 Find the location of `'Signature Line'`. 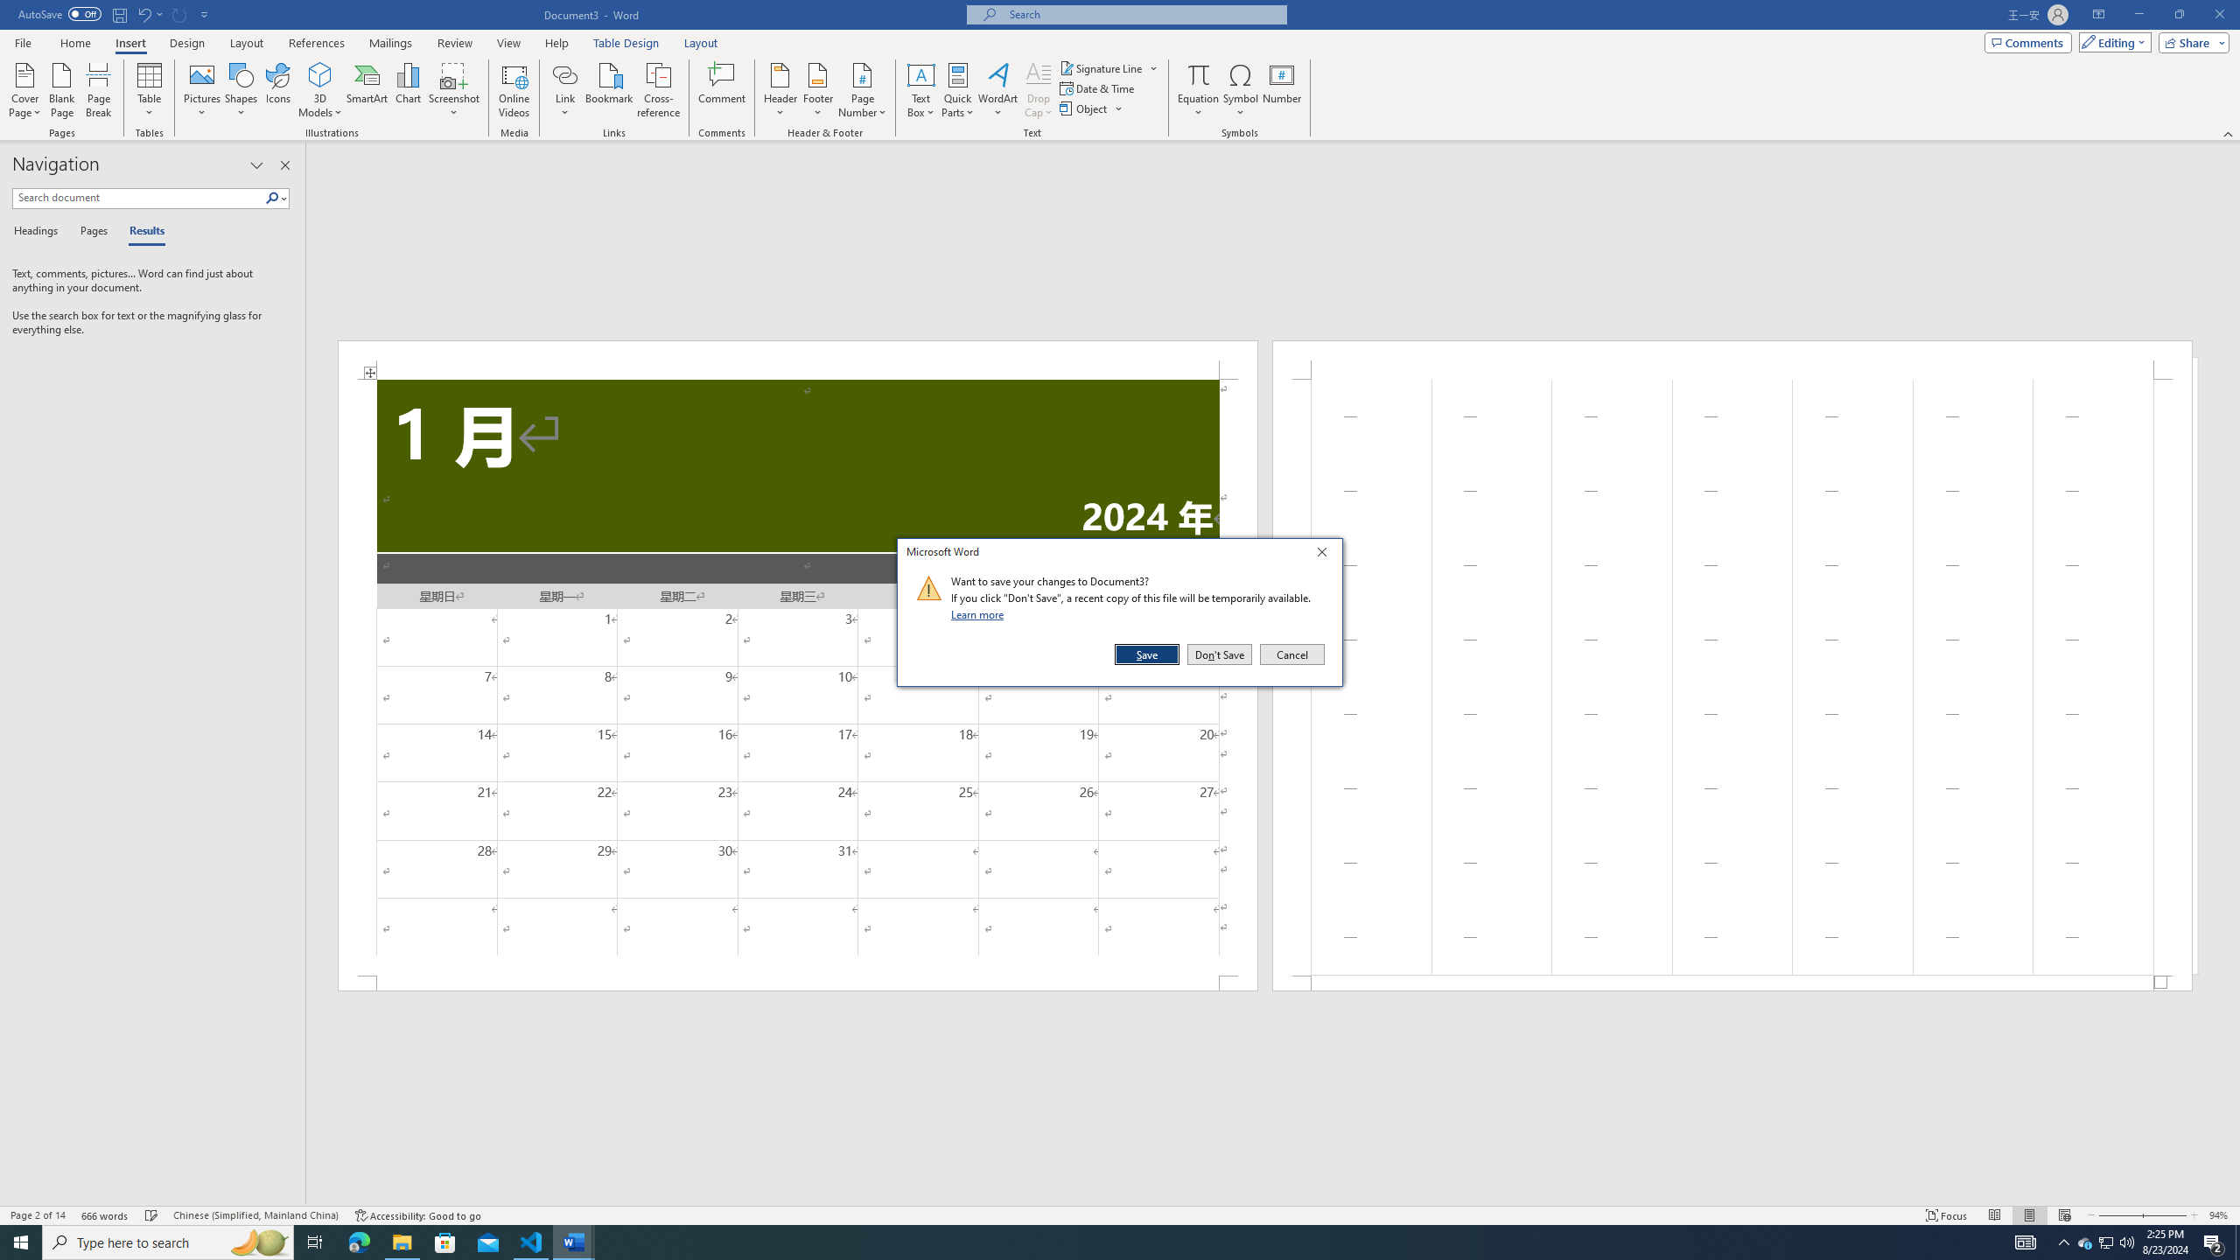

'Signature Line' is located at coordinates (1109, 67).